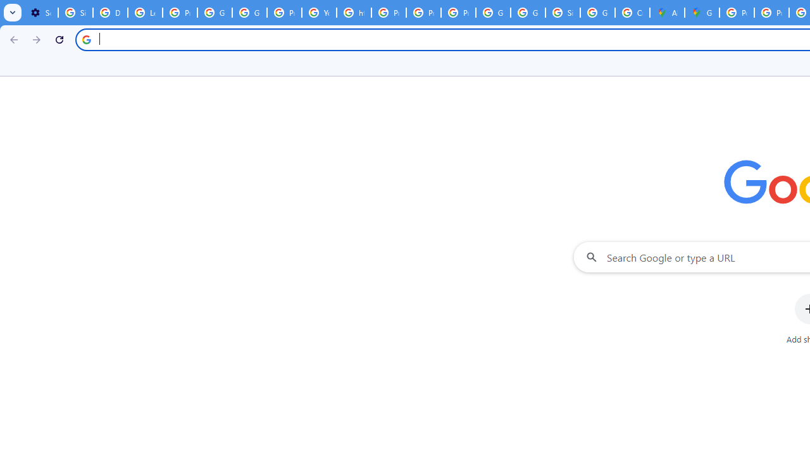 The height and width of the screenshot is (455, 810). I want to click on 'Policy Accountability and Transparency - Transparency Center', so click(737, 13).